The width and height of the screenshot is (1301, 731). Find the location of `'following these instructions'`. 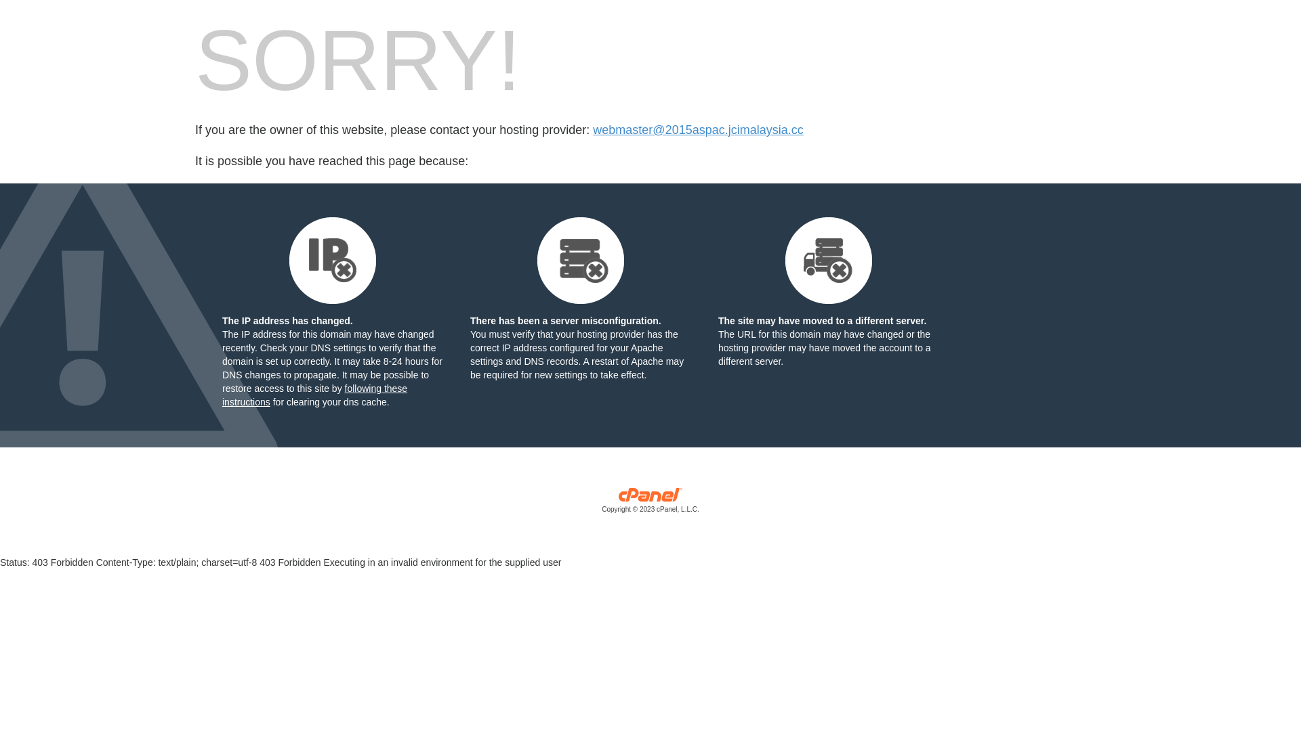

'following these instructions' is located at coordinates (314, 395).